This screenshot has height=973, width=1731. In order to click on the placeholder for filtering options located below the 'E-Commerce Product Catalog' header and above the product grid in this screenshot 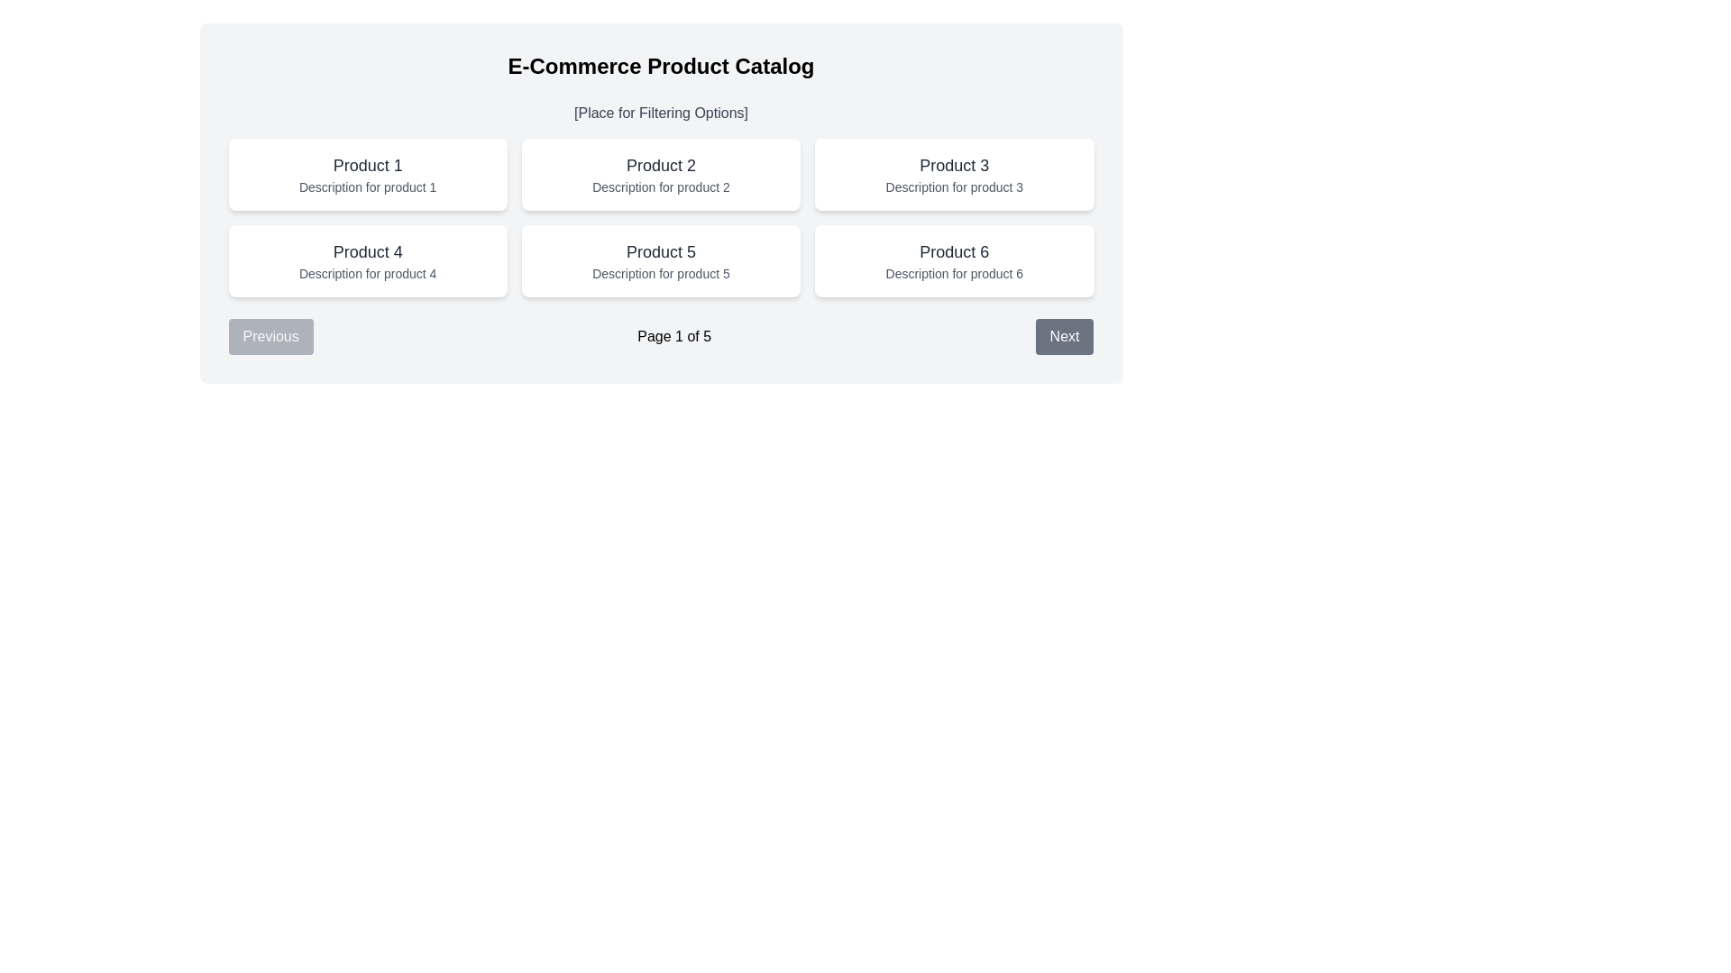, I will do `click(660, 114)`.